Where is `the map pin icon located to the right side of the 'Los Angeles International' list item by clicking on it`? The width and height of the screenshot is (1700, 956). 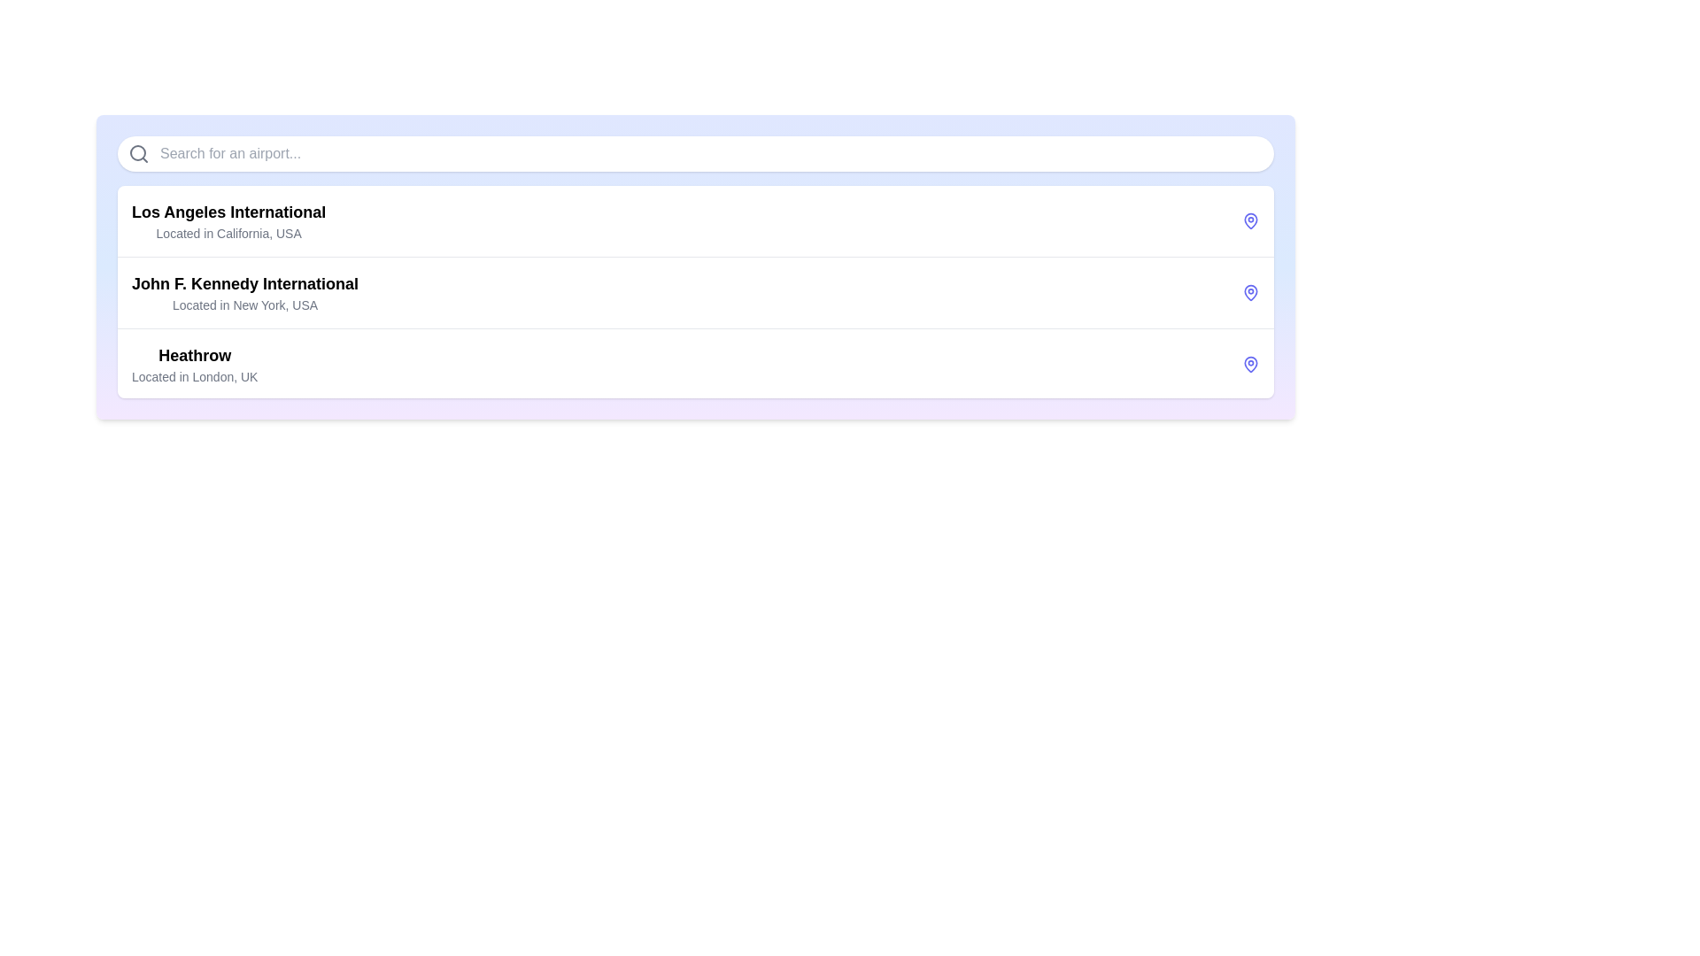 the map pin icon located to the right side of the 'Los Angeles International' list item by clicking on it is located at coordinates (1249, 220).